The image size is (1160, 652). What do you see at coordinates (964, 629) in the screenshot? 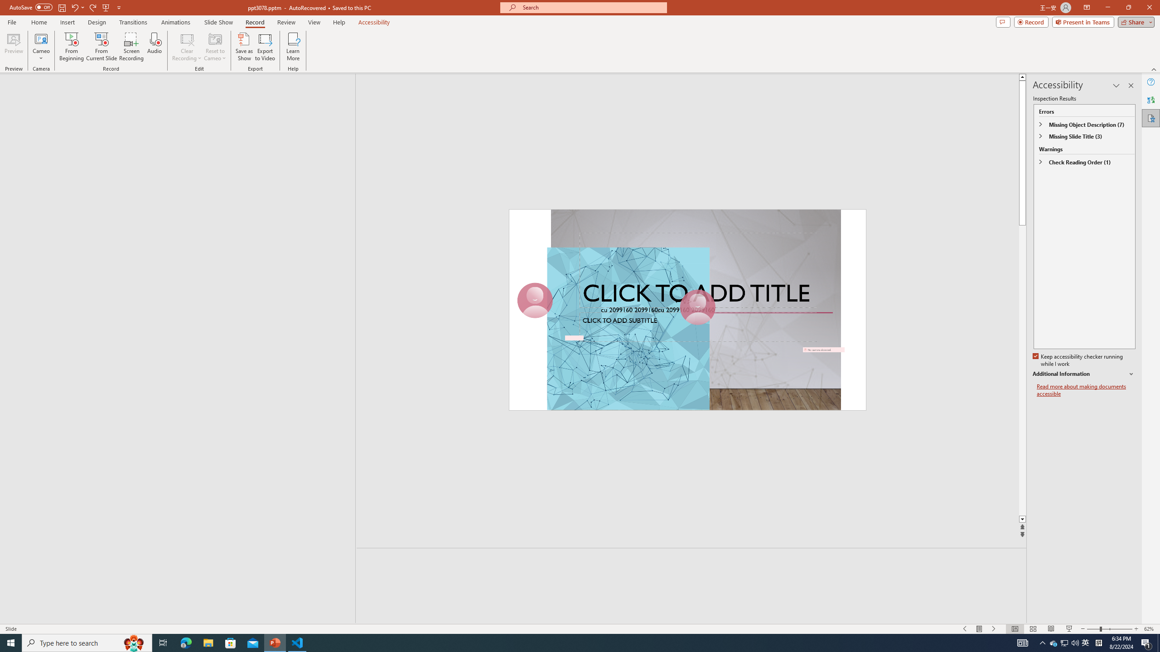
I see `'Slide Show Previous On'` at bounding box center [964, 629].